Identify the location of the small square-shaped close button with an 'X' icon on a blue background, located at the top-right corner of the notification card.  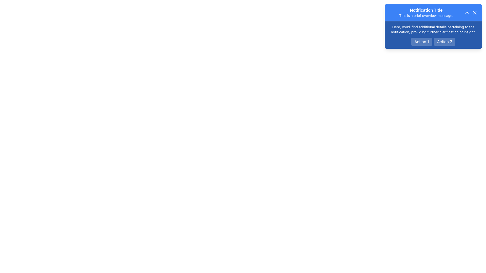
(475, 12).